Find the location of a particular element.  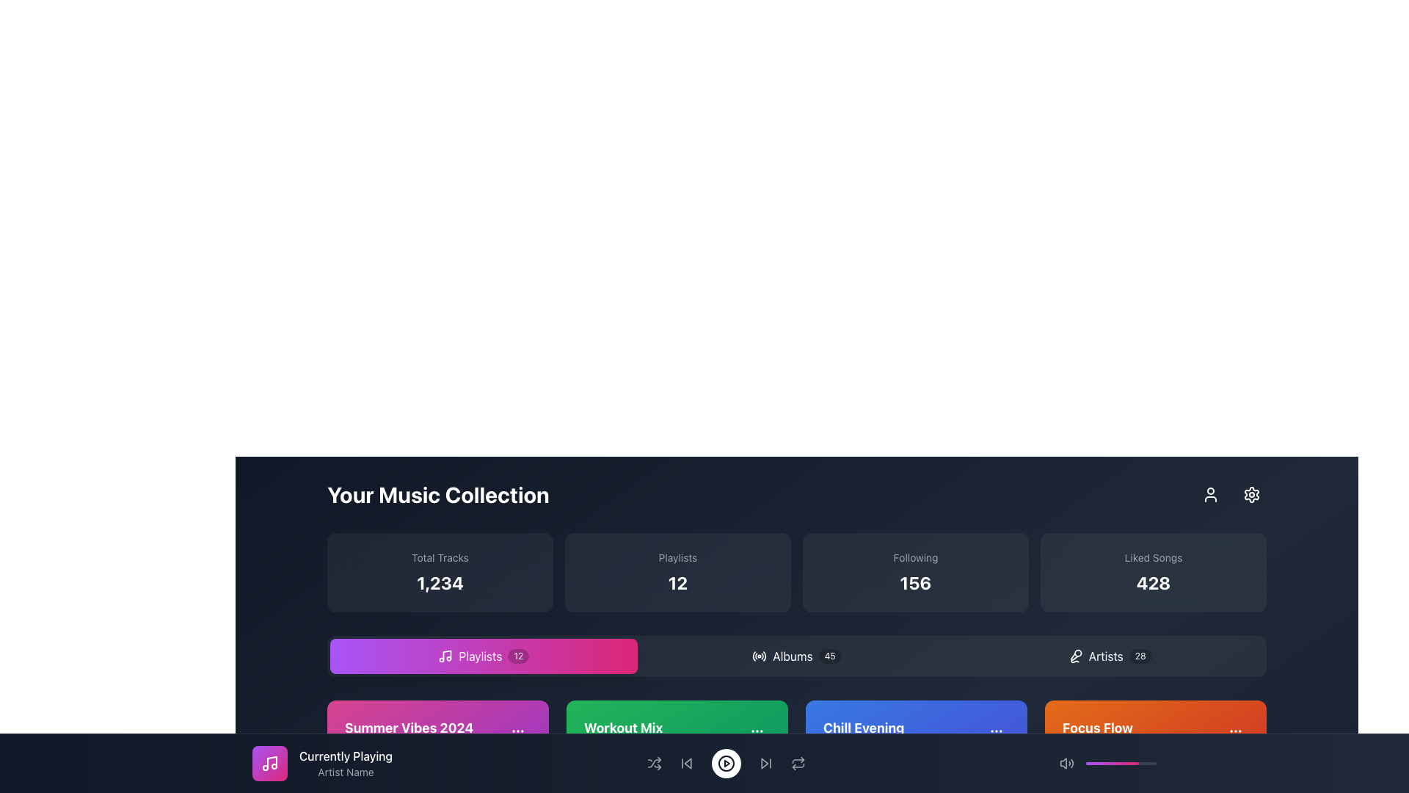

the text display component that shows 'Summer Vibes 2024' and '24 tracks', which is the first item in the second row of the 'Your Music Collection' section under the 'Playlists' tab is located at coordinates (437, 736).